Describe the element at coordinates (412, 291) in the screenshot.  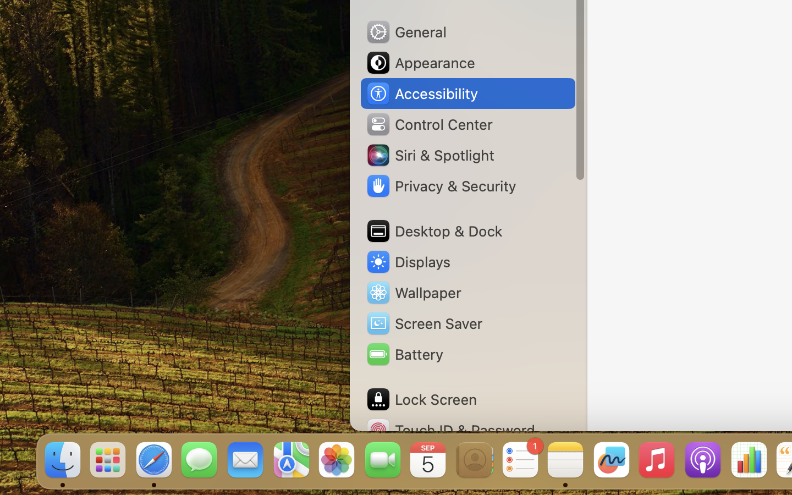
I see `'Wallpaper'` at that location.